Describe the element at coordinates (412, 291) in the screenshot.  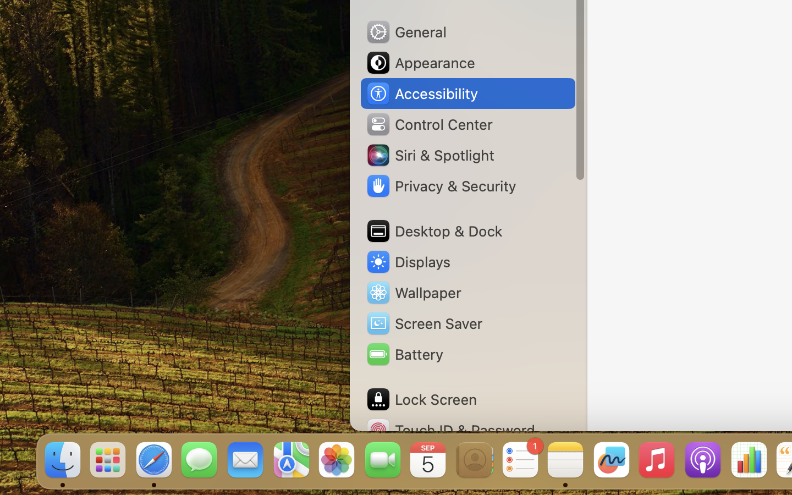
I see `'Wallpaper'` at that location.